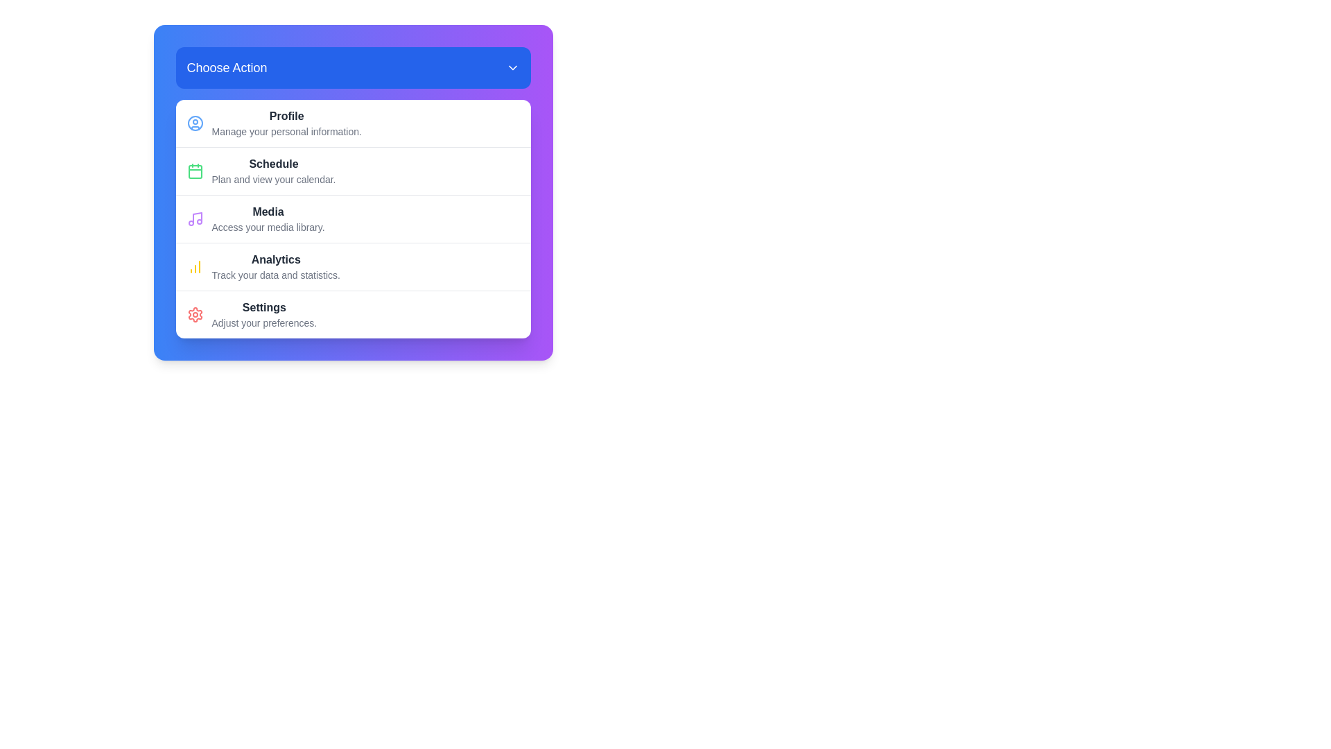  Describe the element at coordinates (194, 267) in the screenshot. I see `the small yellow graphical icon representing an increasing bar chart located within the 'Analytics' menu option of the dropdown menu` at that location.